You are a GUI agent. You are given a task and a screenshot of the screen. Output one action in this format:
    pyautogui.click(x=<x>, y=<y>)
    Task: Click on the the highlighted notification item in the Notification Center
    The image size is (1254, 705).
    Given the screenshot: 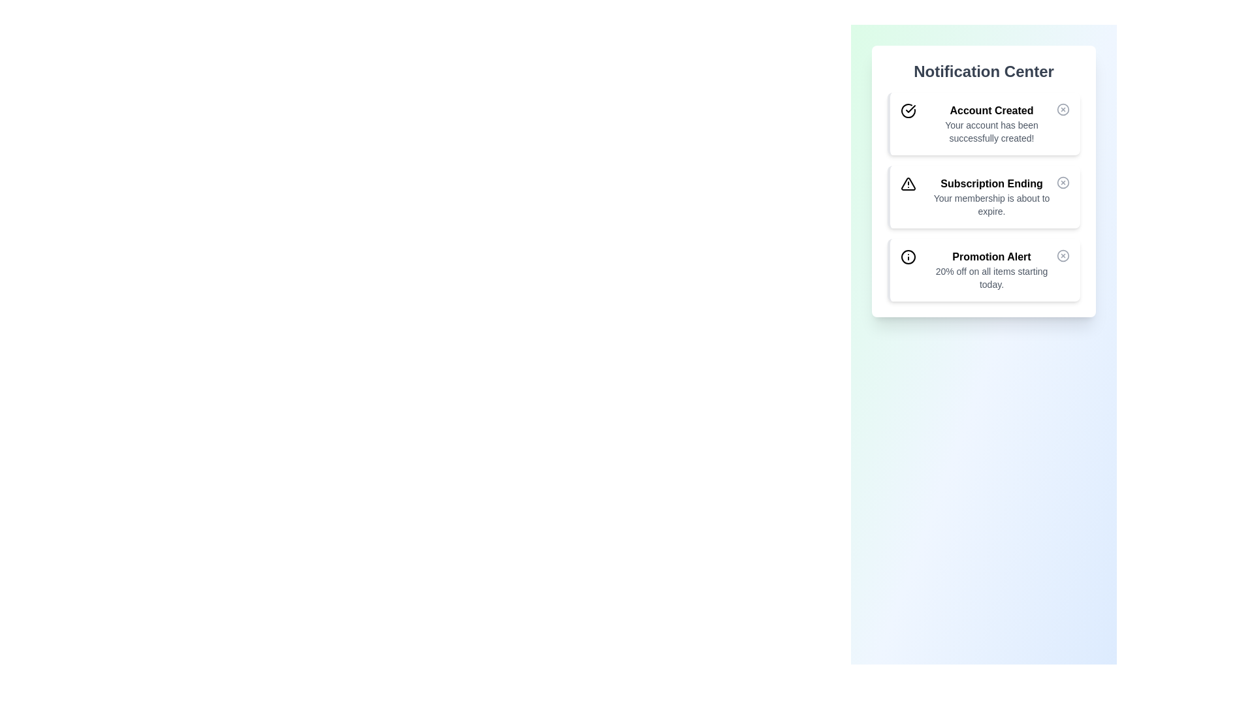 What is the action you would take?
    pyautogui.click(x=984, y=196)
    